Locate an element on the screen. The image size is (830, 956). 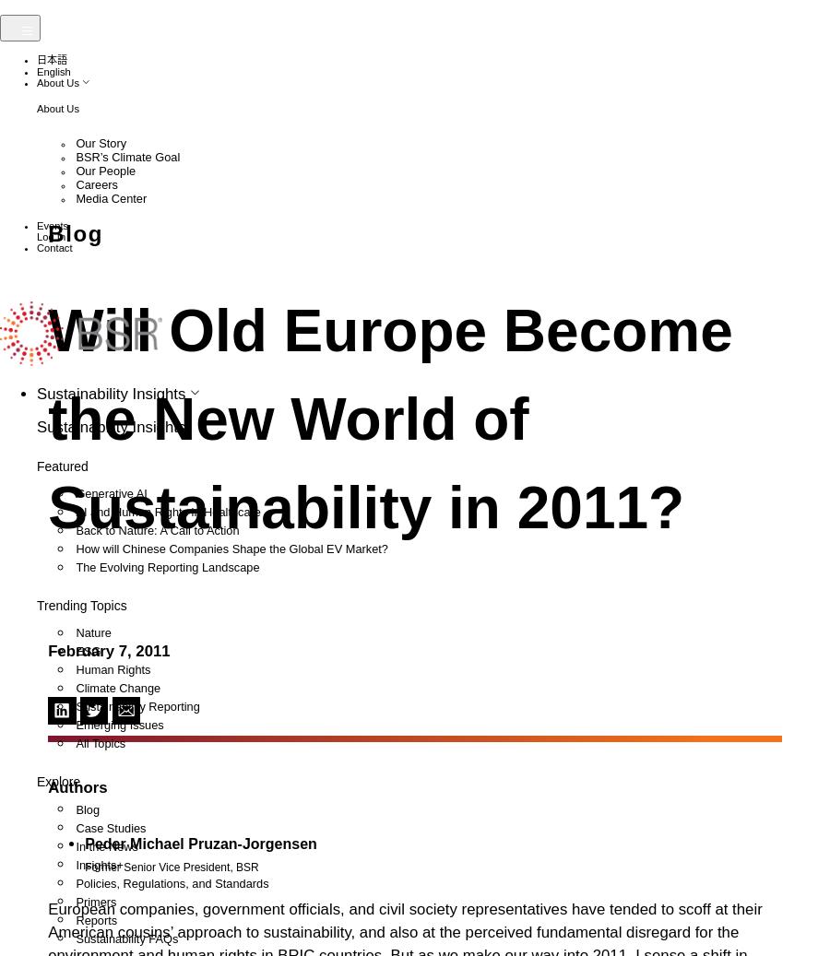
'Guangzhou' is located at coordinates (111, 429).